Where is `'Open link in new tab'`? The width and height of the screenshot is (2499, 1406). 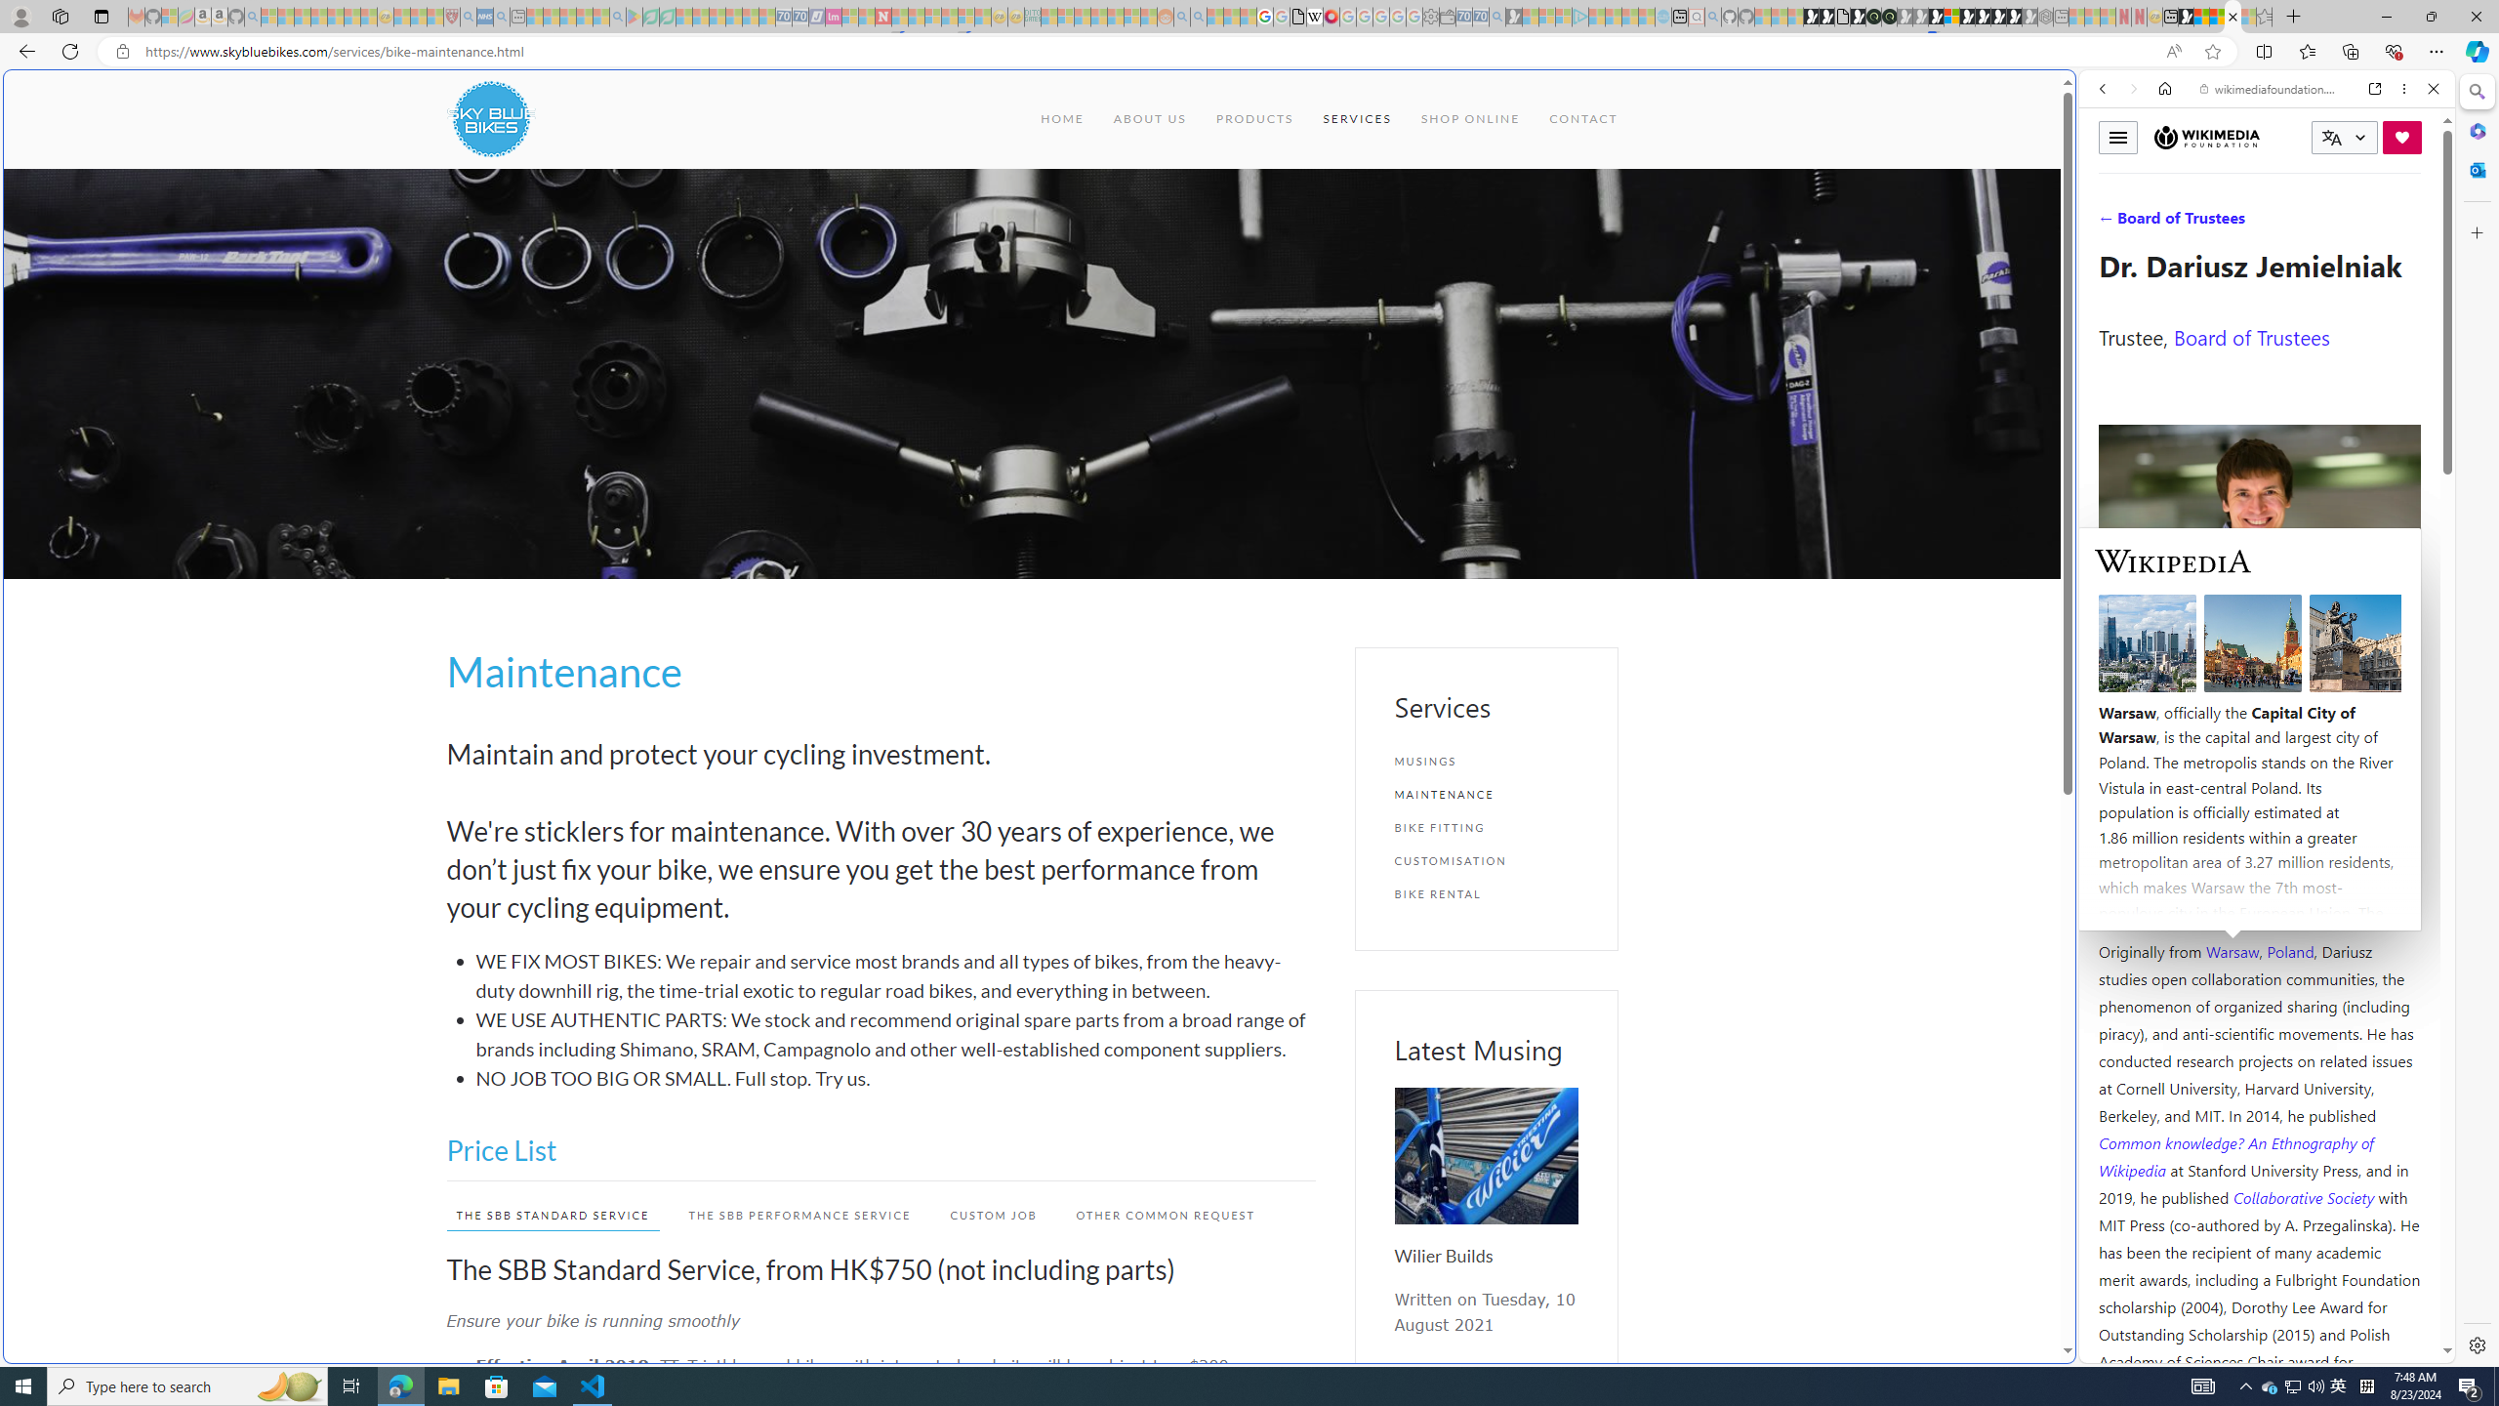 'Open link in new tab' is located at coordinates (2375, 87).